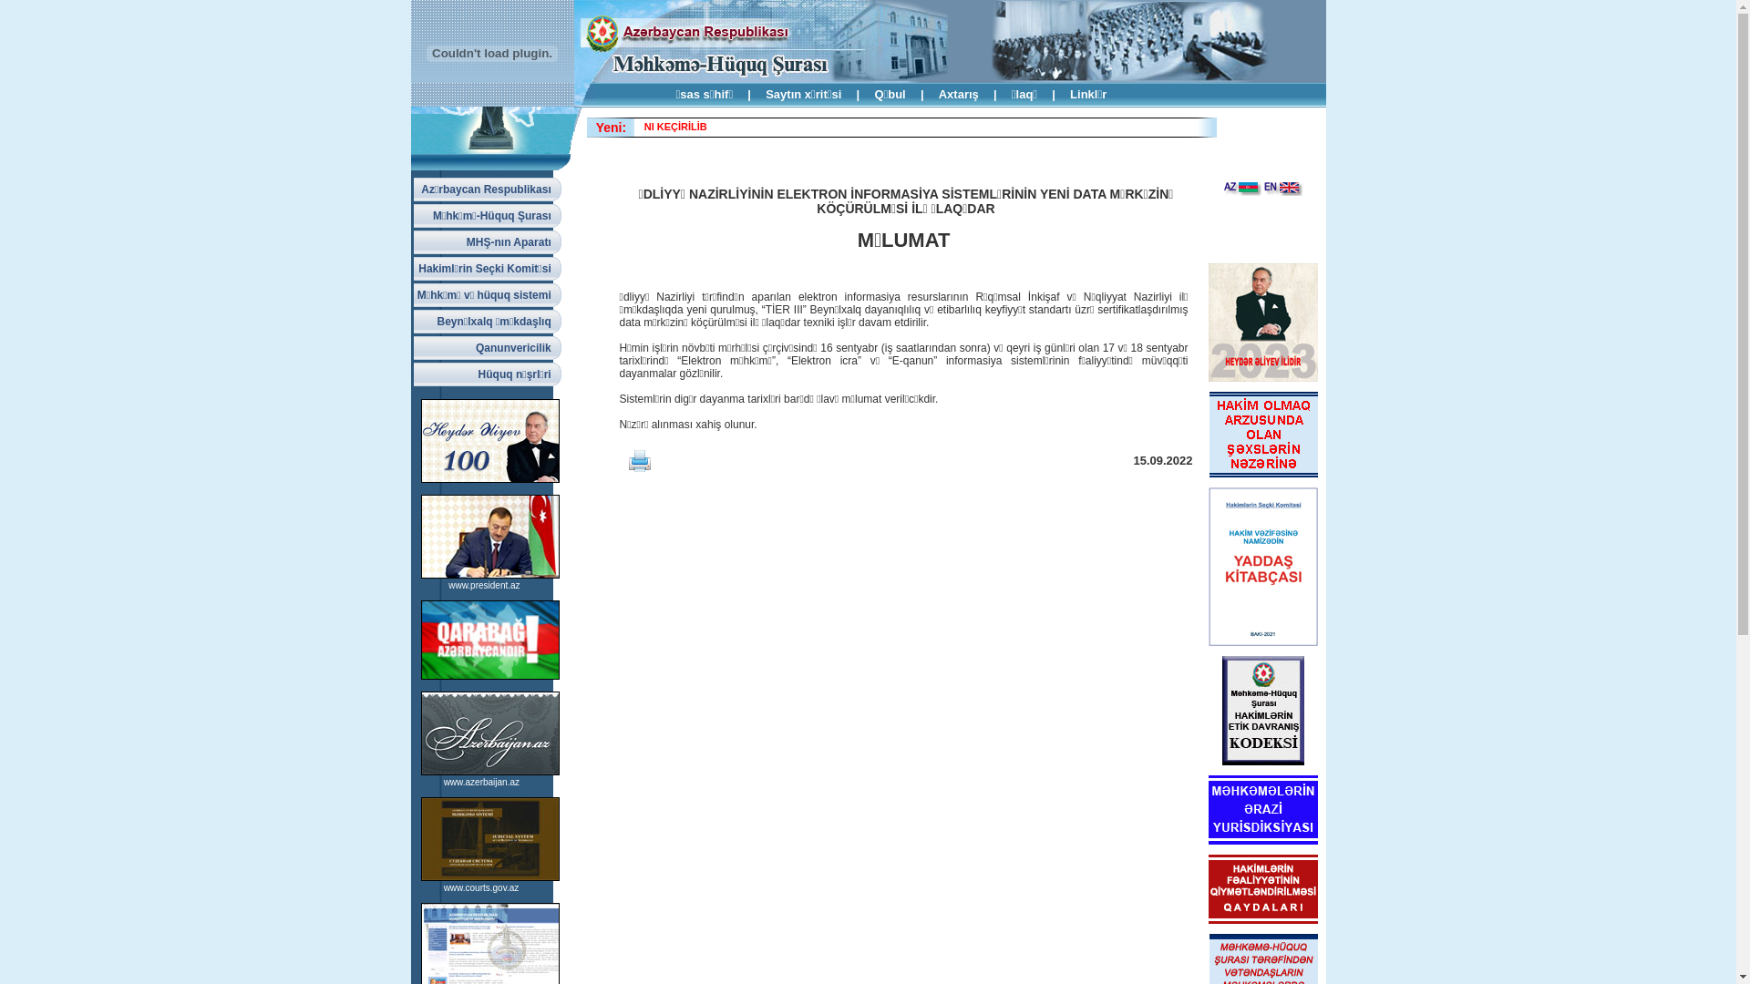 Image resolution: width=1750 pixels, height=984 pixels. Describe the element at coordinates (484, 585) in the screenshot. I see `'www.president.az'` at that location.